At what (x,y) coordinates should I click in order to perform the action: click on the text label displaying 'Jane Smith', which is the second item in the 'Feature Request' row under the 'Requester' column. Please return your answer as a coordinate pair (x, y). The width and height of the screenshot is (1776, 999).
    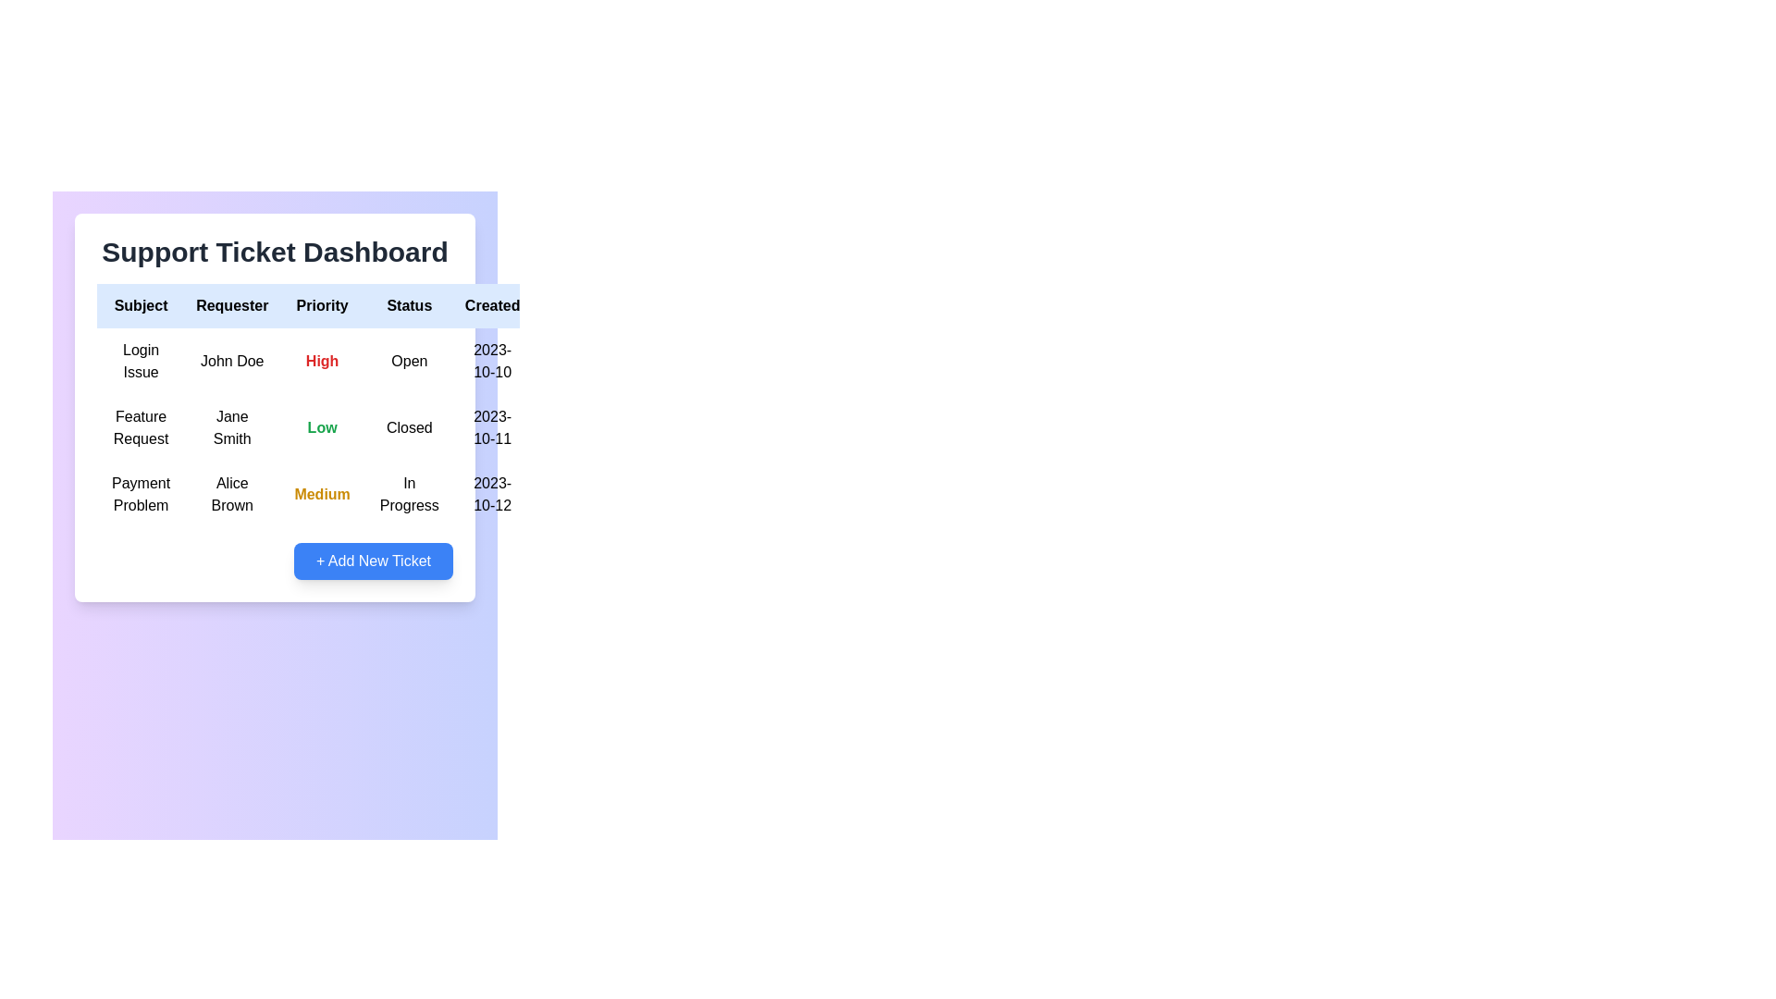
    Looking at the image, I should click on (231, 427).